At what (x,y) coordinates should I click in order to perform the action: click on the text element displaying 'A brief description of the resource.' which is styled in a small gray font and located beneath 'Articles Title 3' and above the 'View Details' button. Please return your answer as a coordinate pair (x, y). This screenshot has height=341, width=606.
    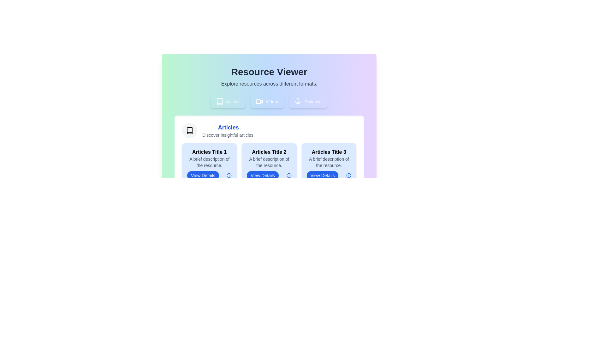
    Looking at the image, I should click on (329, 162).